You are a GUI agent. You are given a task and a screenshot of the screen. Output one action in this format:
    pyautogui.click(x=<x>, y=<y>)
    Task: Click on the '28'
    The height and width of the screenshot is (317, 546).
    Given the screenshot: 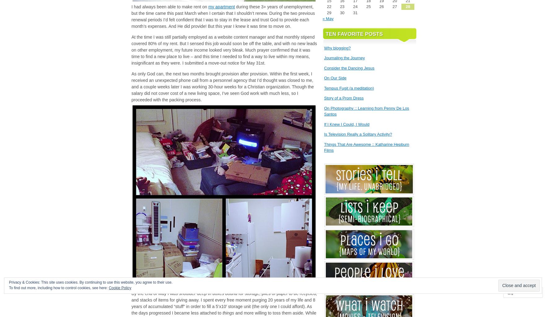 What is the action you would take?
    pyautogui.click(x=407, y=6)
    